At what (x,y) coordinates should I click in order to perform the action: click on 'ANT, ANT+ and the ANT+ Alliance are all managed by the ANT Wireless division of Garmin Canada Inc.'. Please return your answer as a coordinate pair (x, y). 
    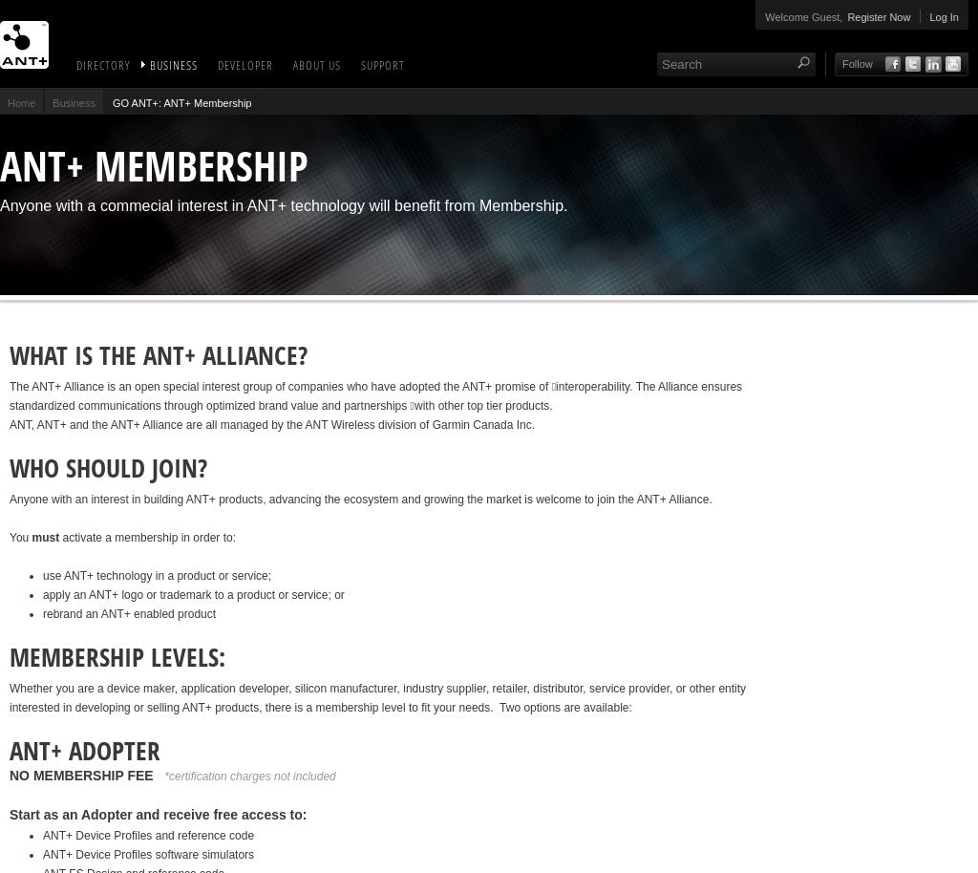
    Looking at the image, I should click on (271, 424).